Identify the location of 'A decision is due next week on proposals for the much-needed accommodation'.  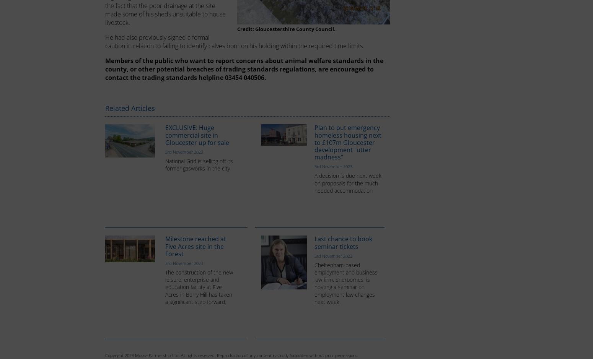
(348, 182).